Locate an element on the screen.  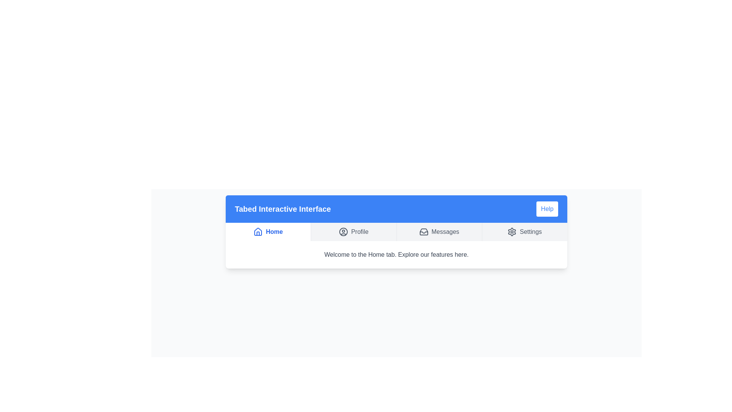
the settings icon located to the left of the 'Settings' label in the top right segment of the interface is located at coordinates (512, 232).